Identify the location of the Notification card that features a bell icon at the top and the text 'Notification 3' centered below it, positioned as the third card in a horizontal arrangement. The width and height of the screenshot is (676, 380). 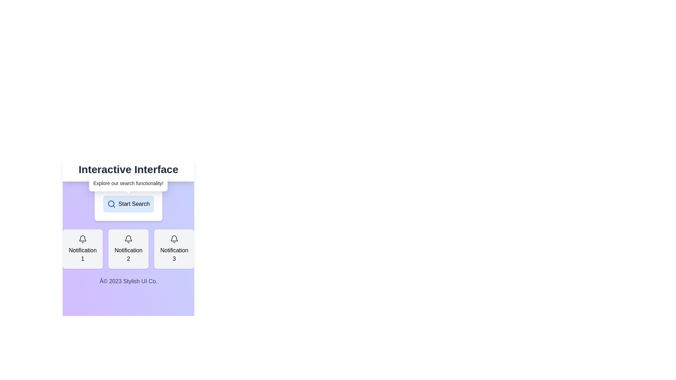
(174, 249).